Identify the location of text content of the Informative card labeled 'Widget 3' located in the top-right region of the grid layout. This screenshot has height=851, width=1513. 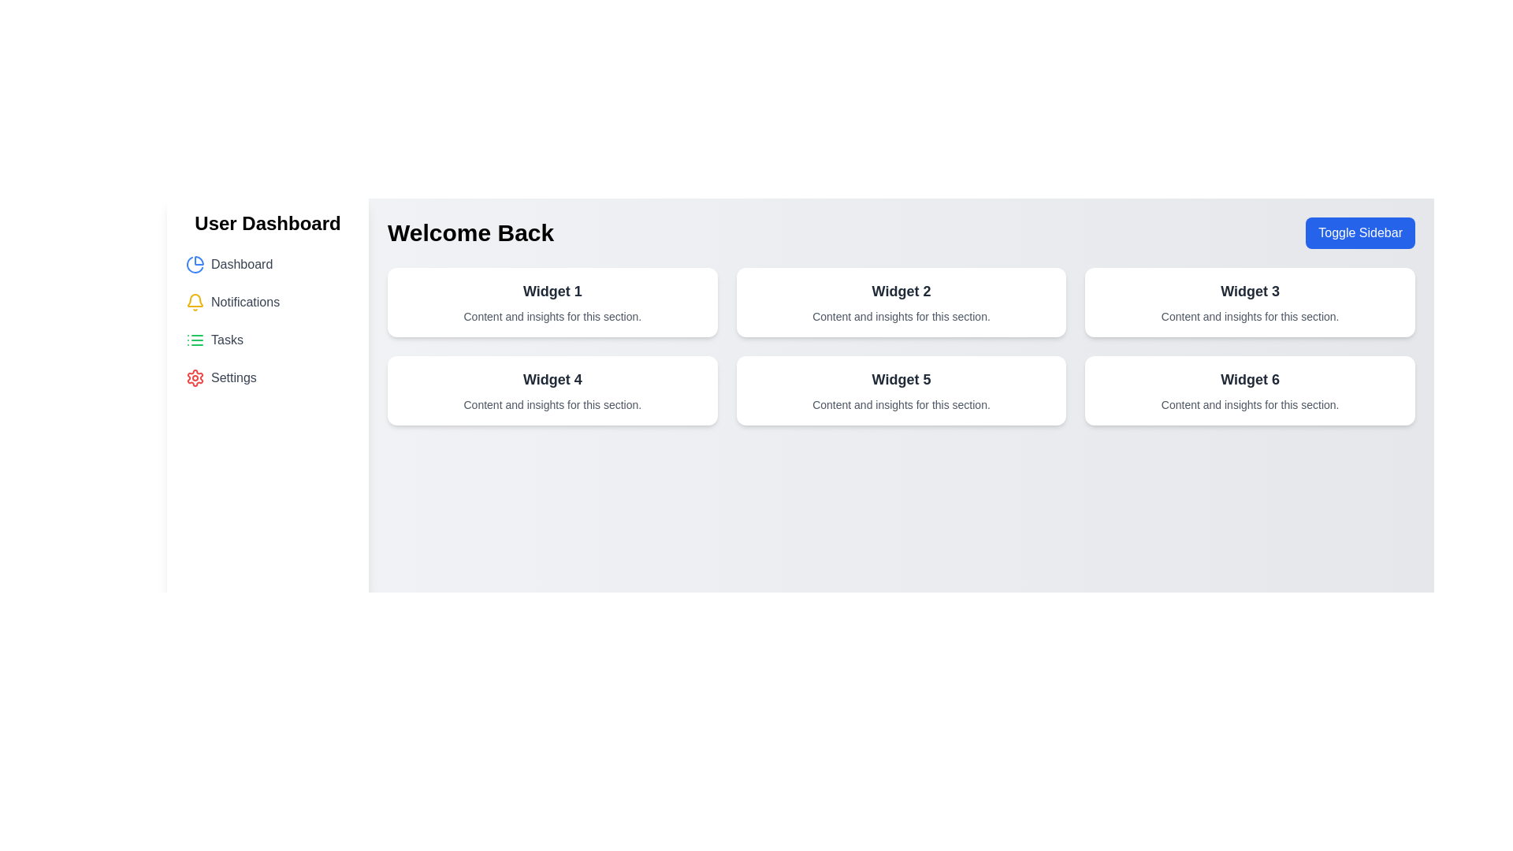
(1249, 303).